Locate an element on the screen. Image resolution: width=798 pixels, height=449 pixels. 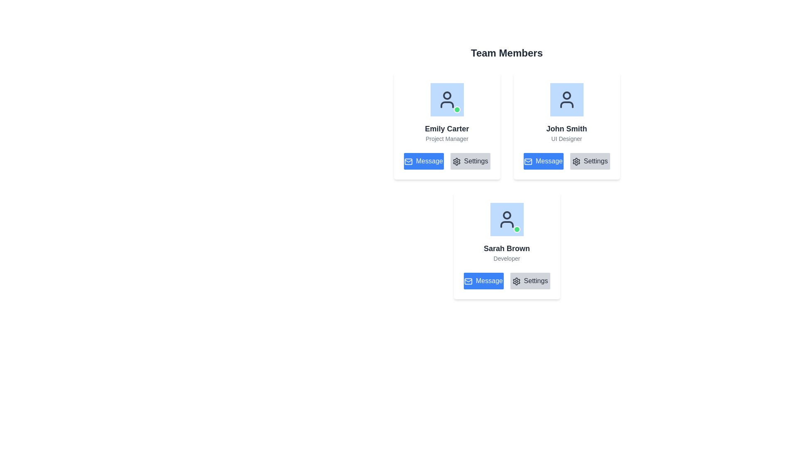
the gear icon within the 'Settings' button, which is visually associated with the profile card of 'Emily Carter' is located at coordinates (456, 161).